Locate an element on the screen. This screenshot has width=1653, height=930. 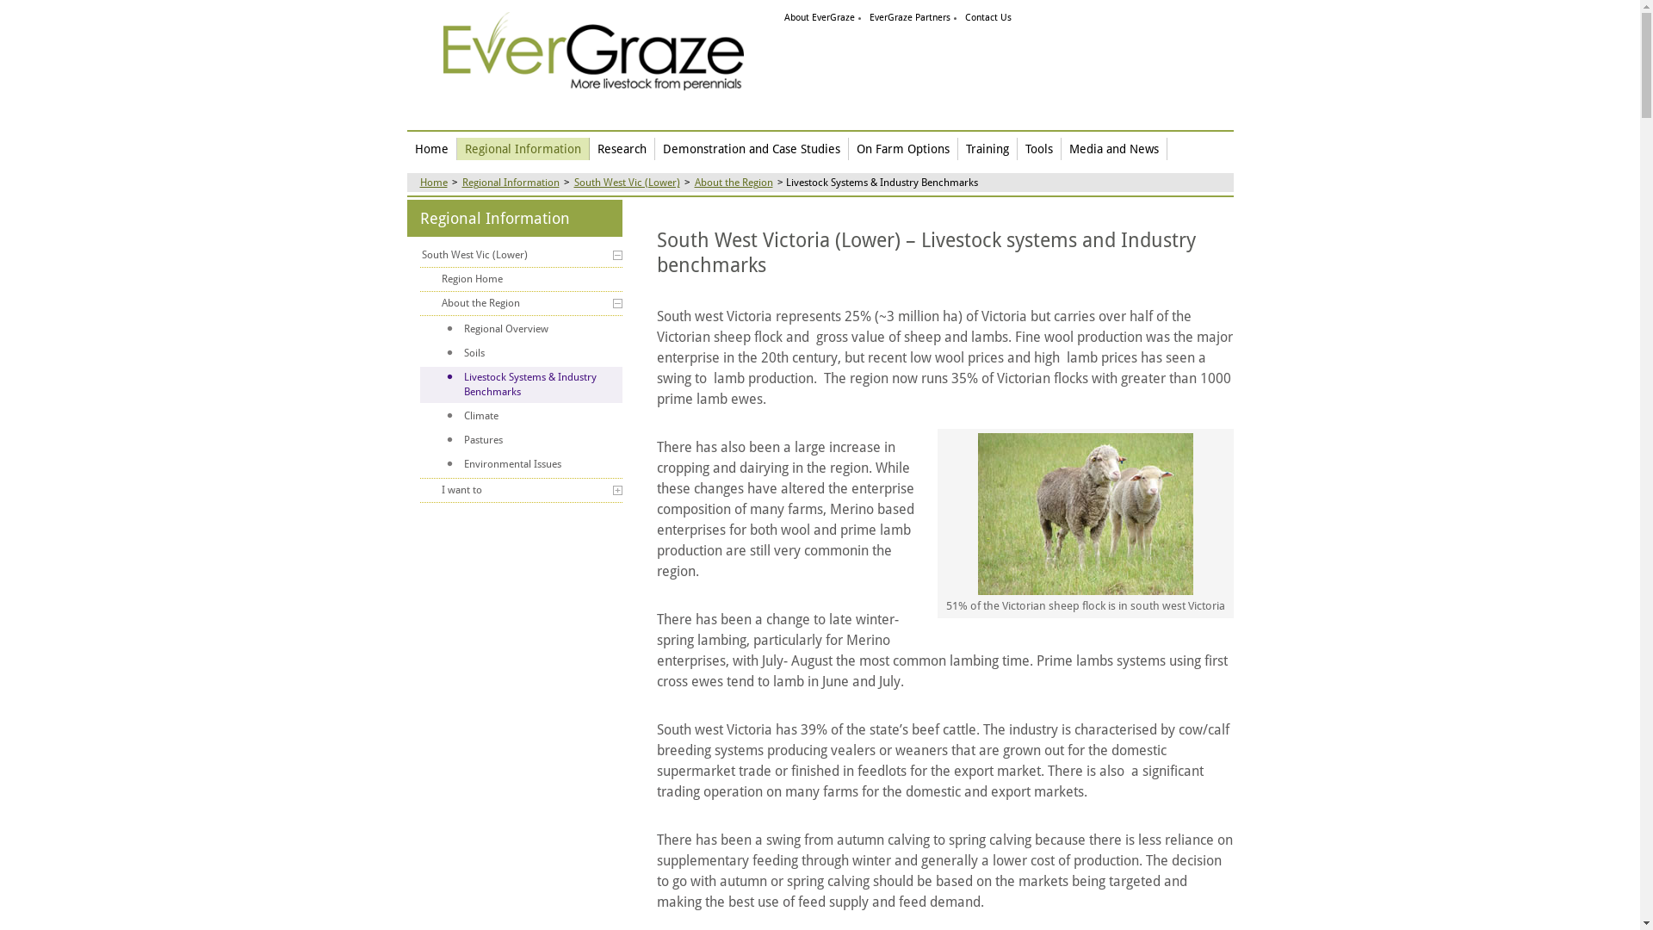
'South West Vic (Lower)' is located at coordinates (520, 255).